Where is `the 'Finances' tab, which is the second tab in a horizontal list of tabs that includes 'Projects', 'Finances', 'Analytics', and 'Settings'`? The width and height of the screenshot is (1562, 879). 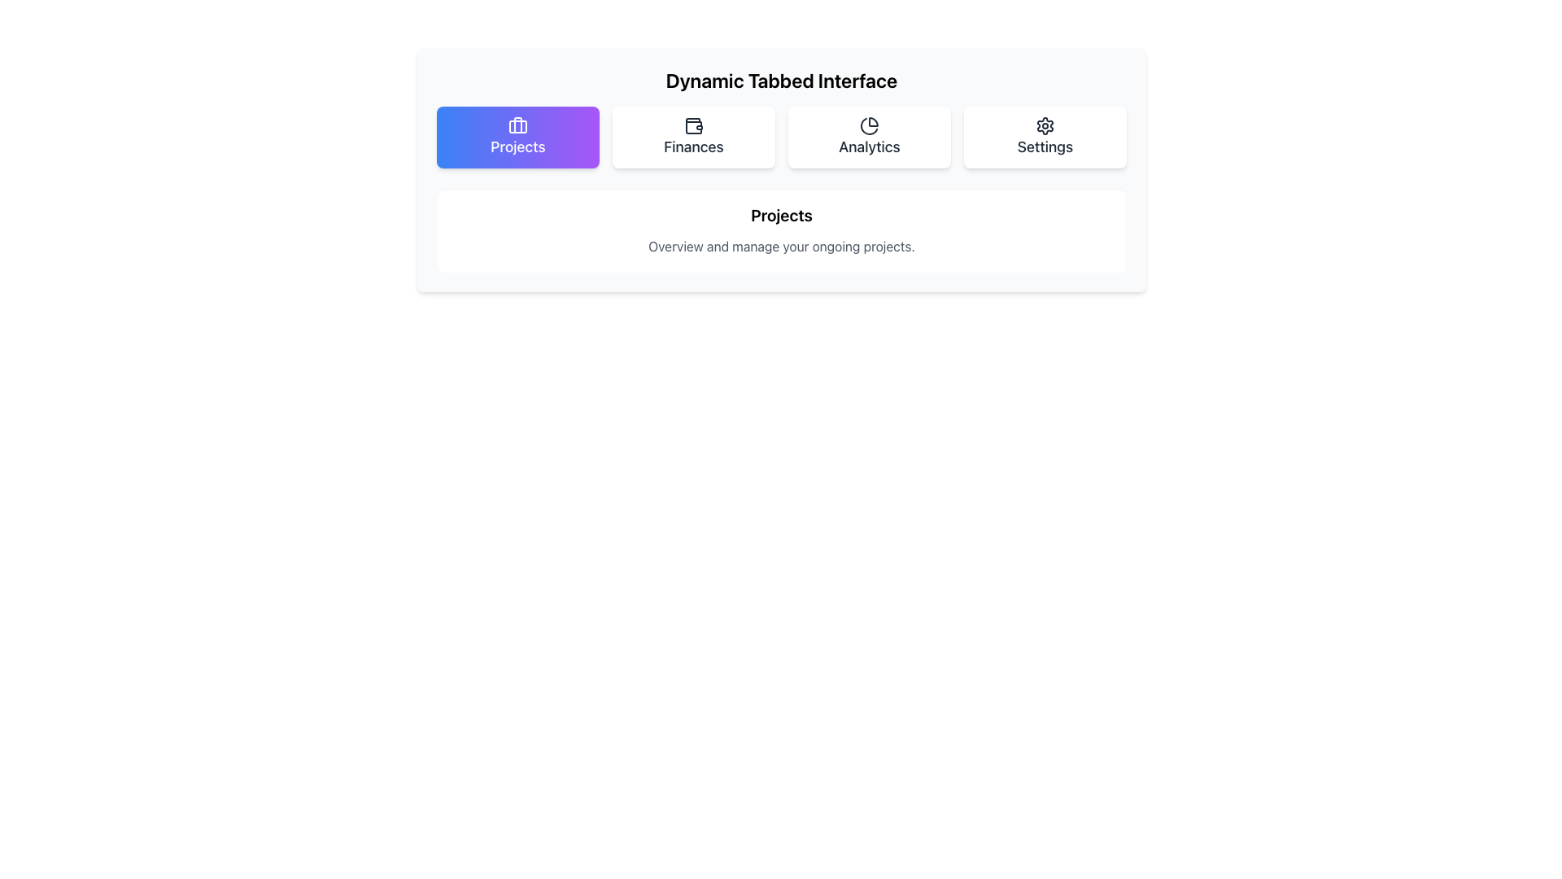
the 'Finances' tab, which is the second tab in a horizontal list of tabs that includes 'Projects', 'Finances', 'Analytics', and 'Settings' is located at coordinates (694, 137).